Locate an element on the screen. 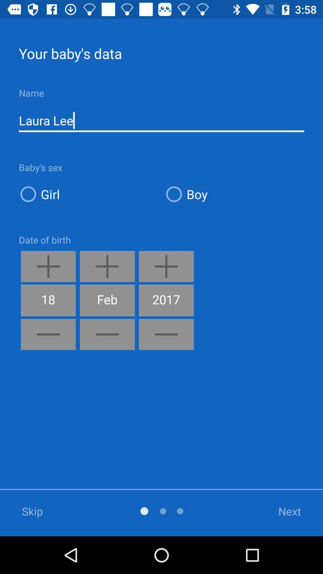  the icon below the boy is located at coordinates (282, 511).